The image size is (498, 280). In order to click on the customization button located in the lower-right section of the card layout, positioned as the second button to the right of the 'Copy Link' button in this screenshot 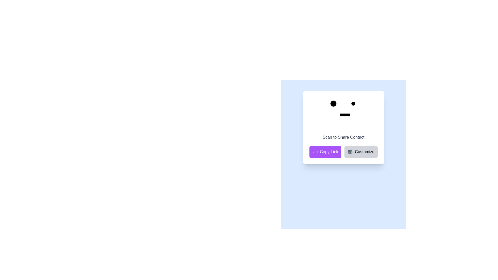, I will do `click(361, 152)`.